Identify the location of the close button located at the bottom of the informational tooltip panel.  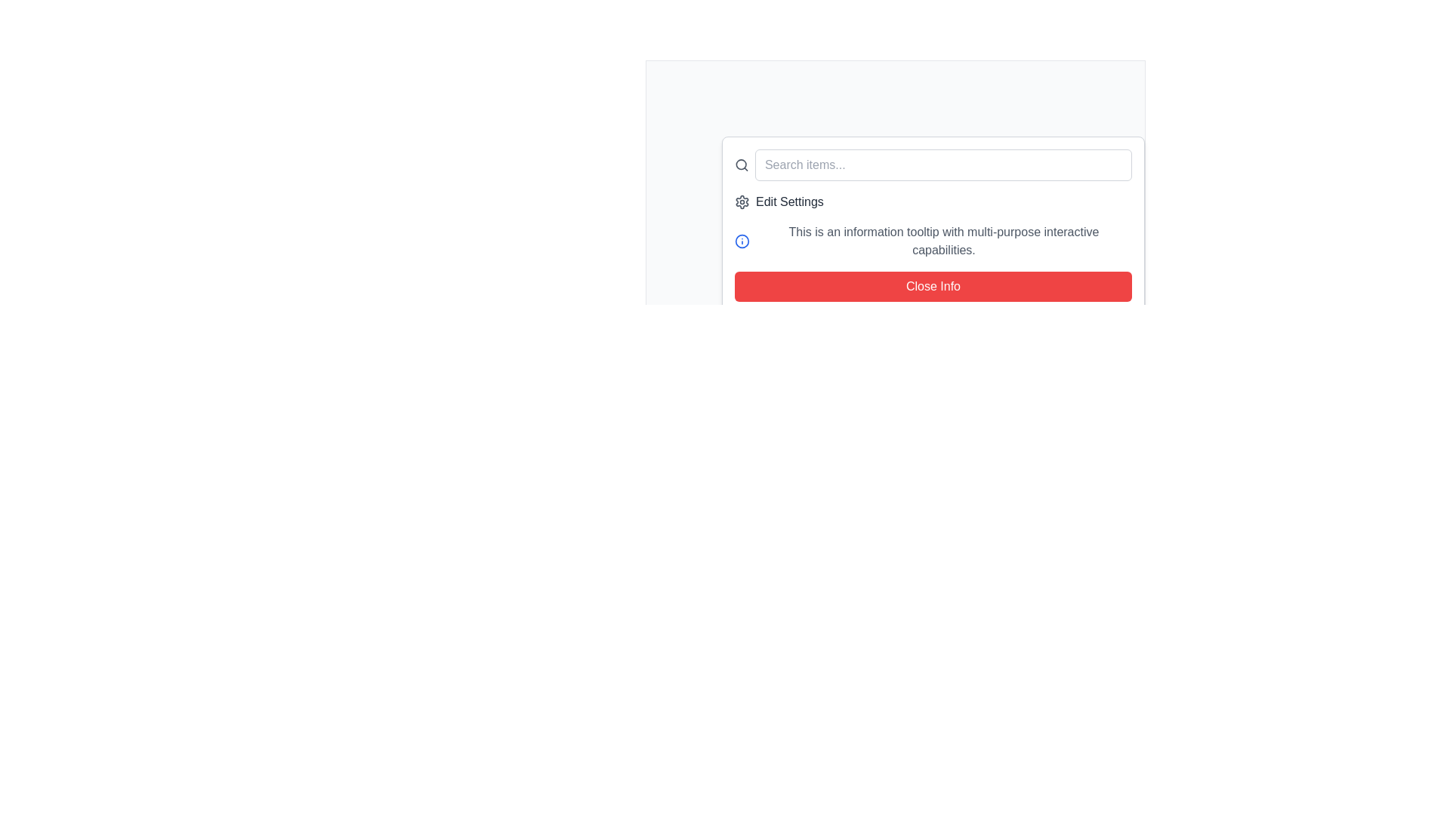
(933, 287).